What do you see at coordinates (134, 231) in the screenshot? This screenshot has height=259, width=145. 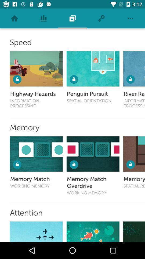 I see `unknown game` at bounding box center [134, 231].